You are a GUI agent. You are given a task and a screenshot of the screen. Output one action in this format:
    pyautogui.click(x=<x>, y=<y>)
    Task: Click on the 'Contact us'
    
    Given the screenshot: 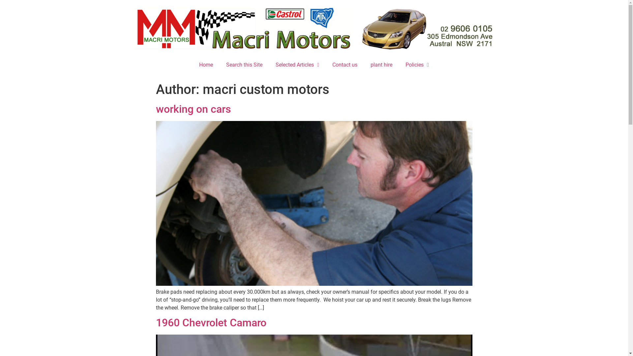 What is the action you would take?
    pyautogui.click(x=345, y=65)
    